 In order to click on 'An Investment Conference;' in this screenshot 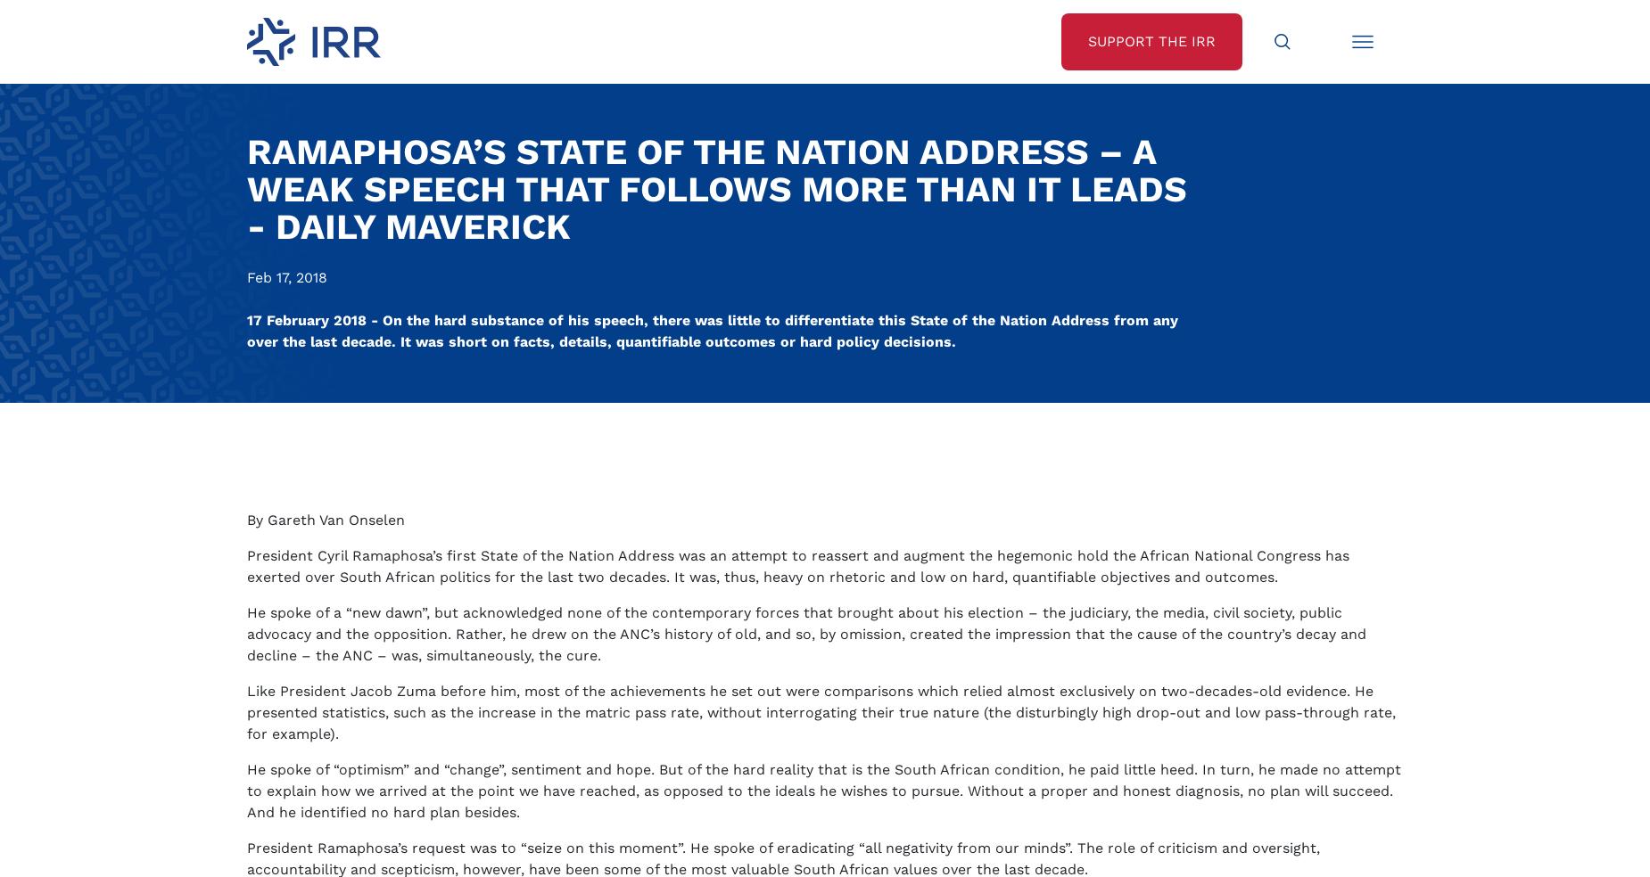, I will do `click(370, 326)`.